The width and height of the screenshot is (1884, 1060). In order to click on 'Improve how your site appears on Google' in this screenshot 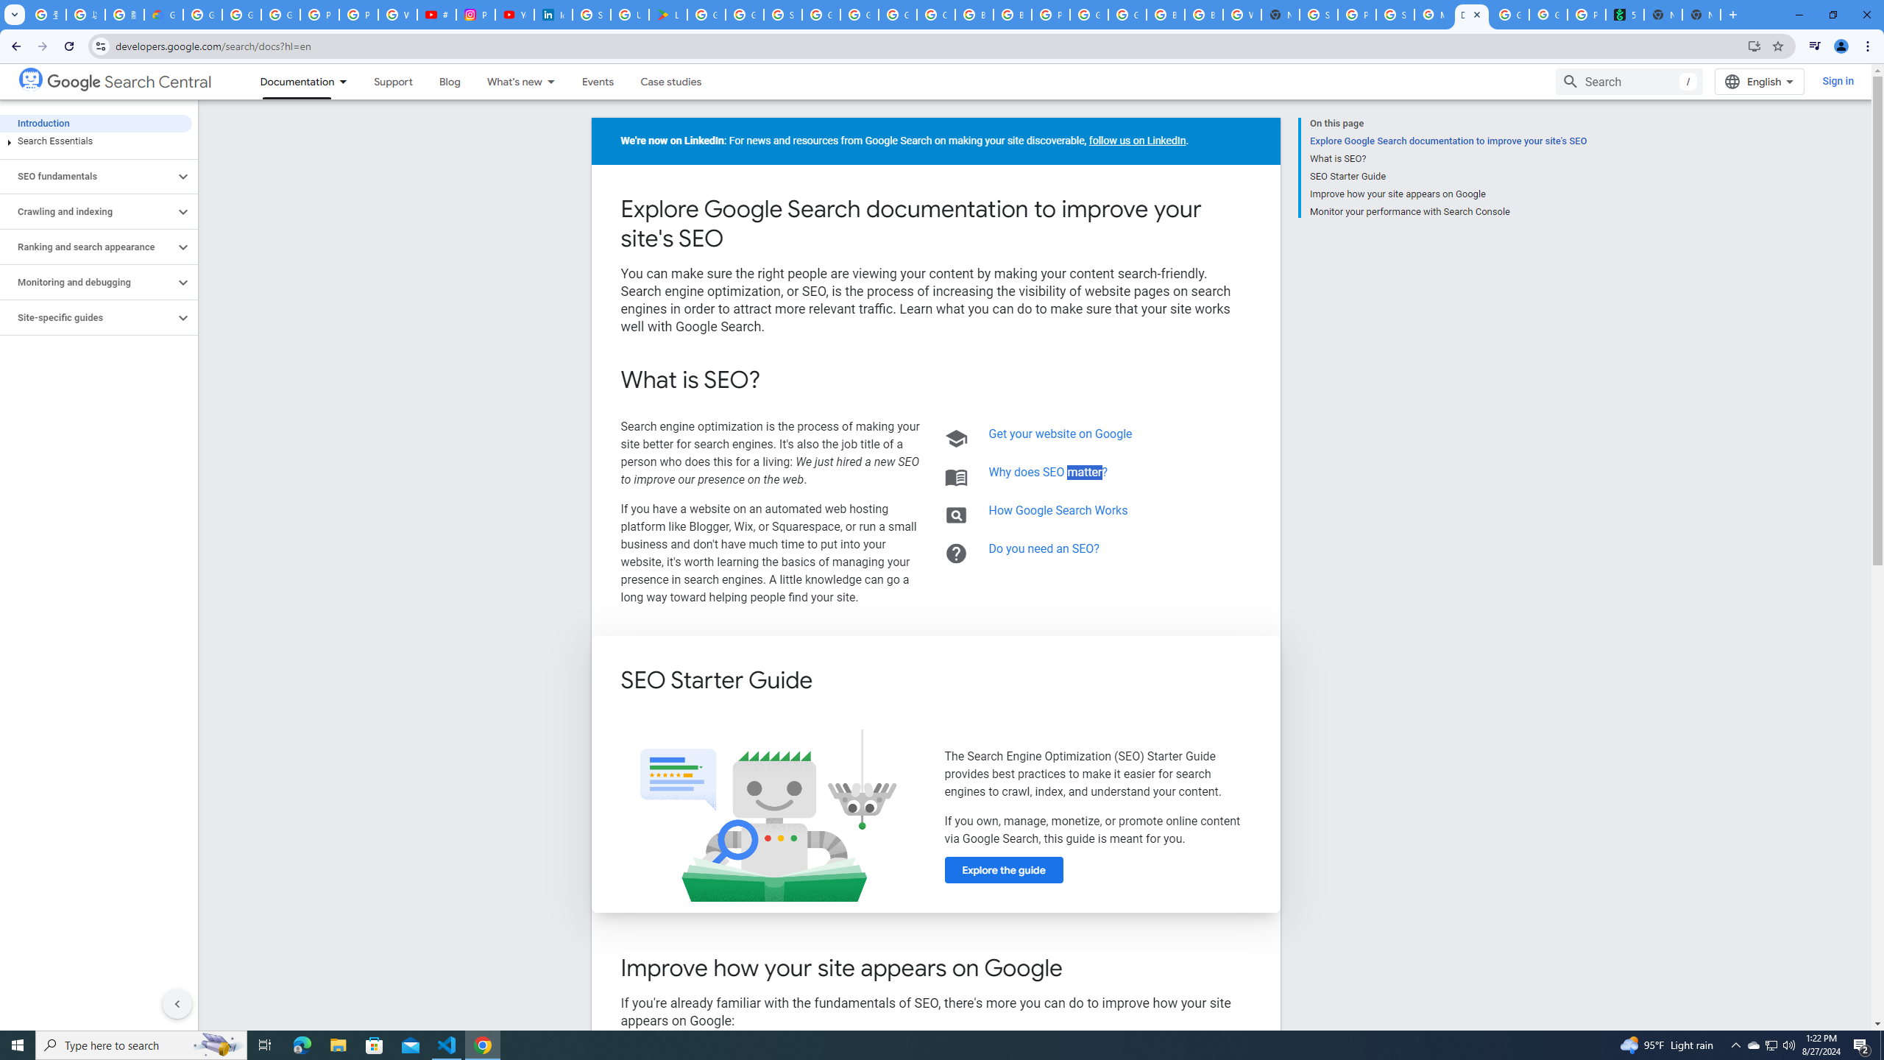, I will do `click(1447, 194)`.